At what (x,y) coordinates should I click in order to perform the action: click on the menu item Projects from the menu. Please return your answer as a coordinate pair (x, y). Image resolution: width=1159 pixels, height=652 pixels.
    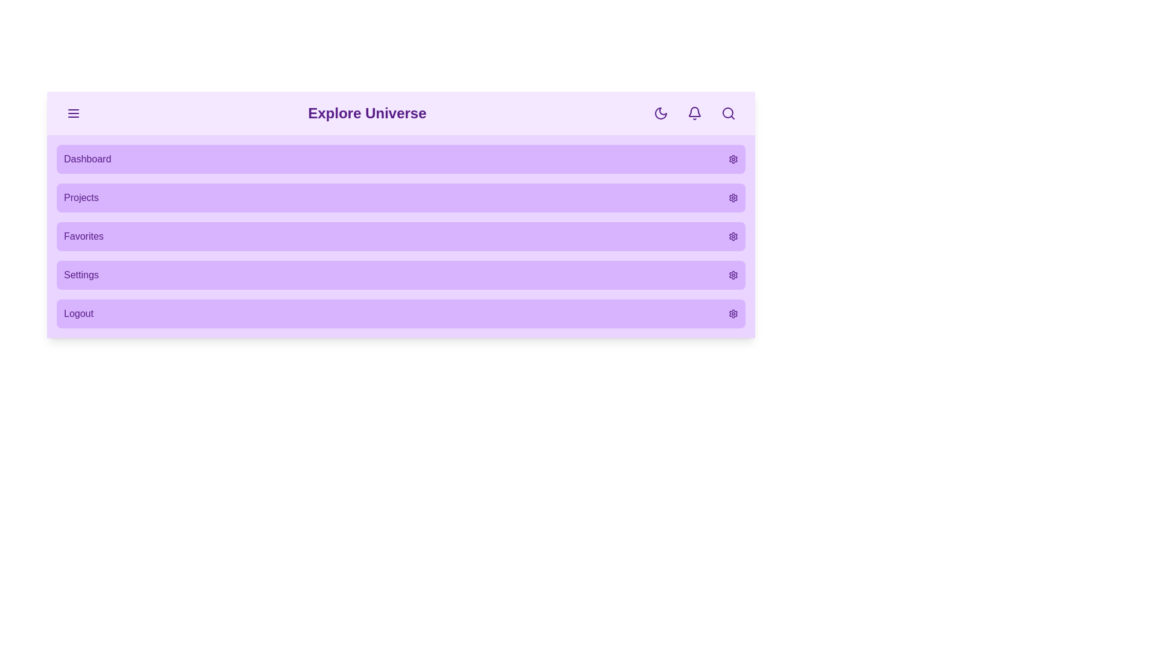
    Looking at the image, I should click on (401, 197).